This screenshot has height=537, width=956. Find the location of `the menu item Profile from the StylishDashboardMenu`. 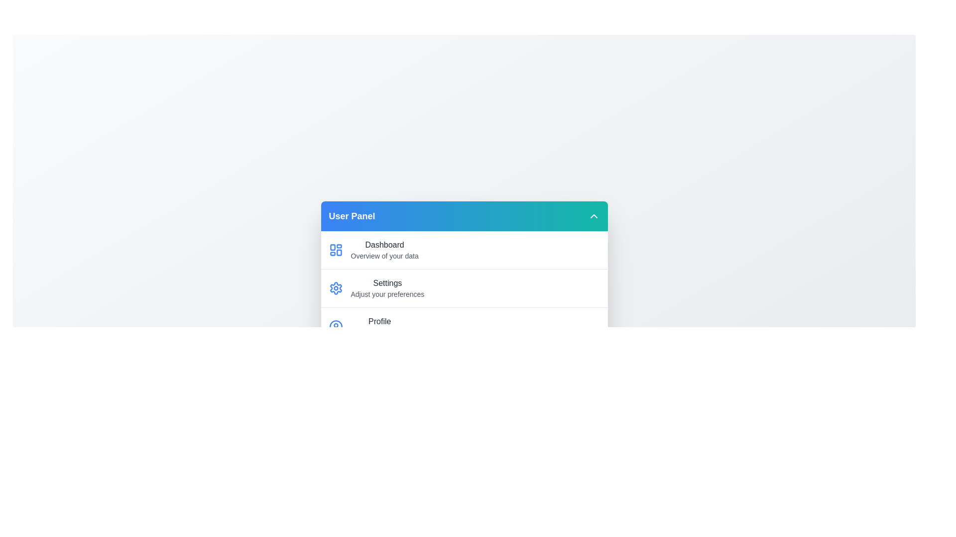

the menu item Profile from the StylishDashboardMenu is located at coordinates (464, 326).